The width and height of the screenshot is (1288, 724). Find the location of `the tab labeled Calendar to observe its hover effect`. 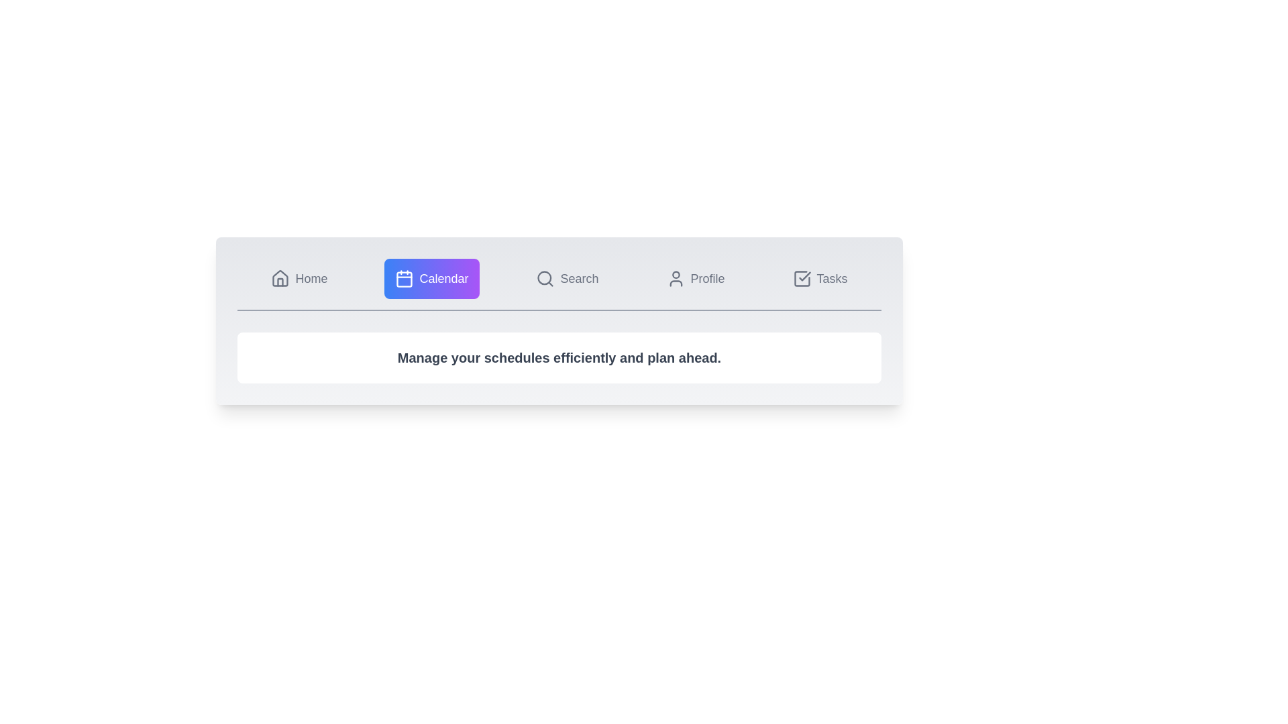

the tab labeled Calendar to observe its hover effect is located at coordinates (431, 278).